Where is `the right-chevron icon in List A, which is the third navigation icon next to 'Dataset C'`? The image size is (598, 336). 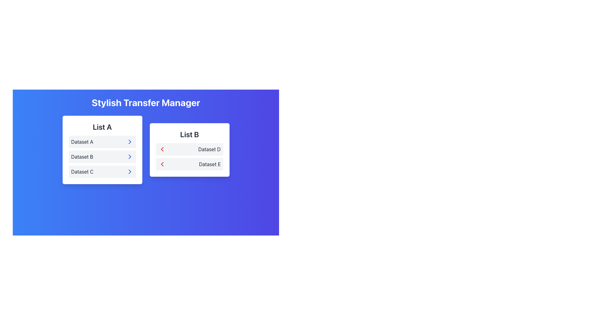
the right-chevron icon in List A, which is the third navigation icon next to 'Dataset C' is located at coordinates (129, 142).